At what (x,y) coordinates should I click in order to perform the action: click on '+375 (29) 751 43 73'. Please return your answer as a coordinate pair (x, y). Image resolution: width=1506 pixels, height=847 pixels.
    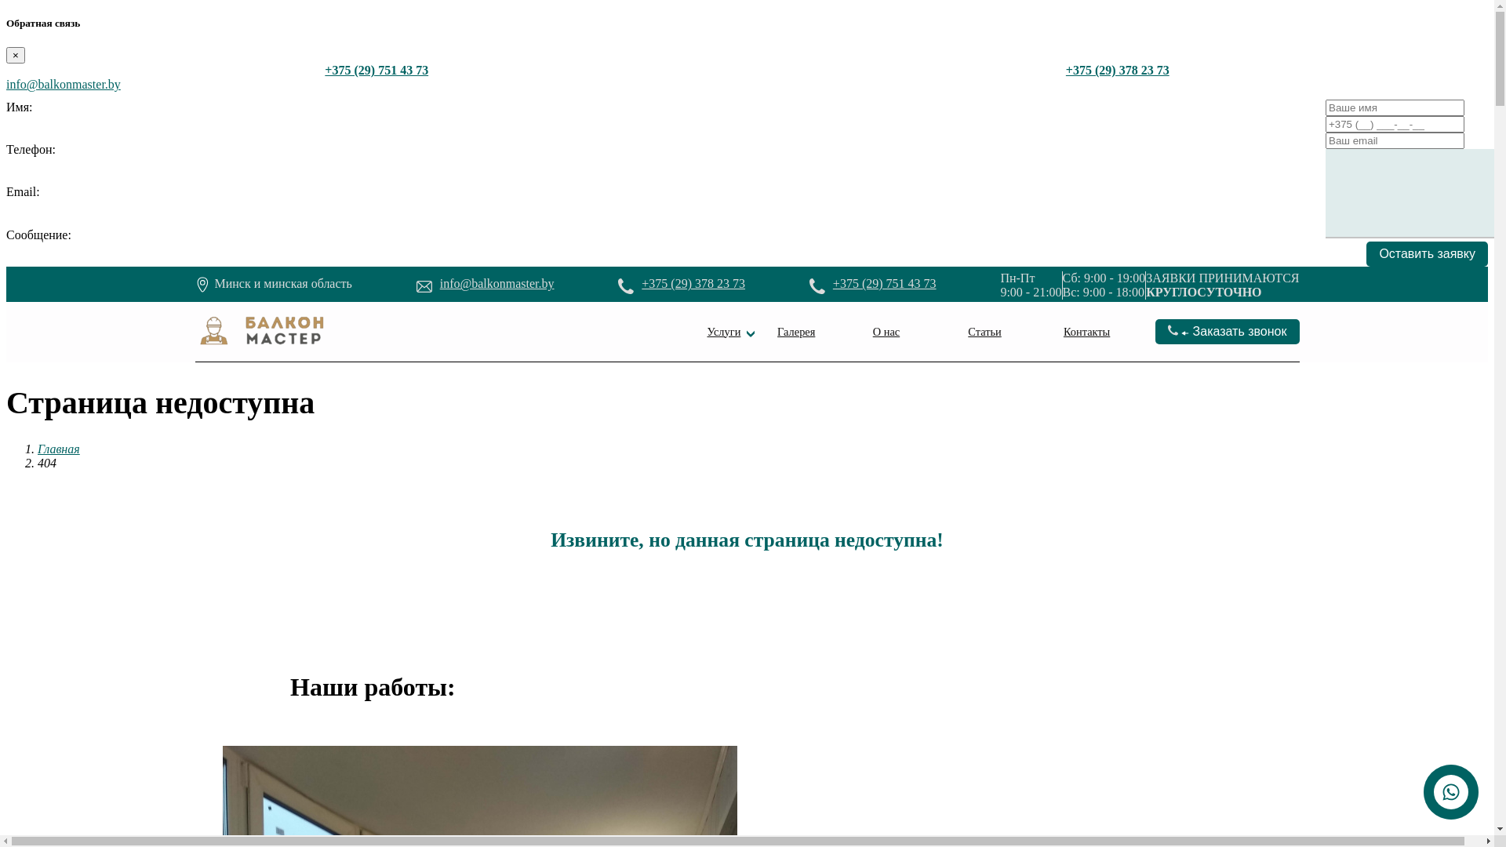
    Looking at the image, I should click on (885, 283).